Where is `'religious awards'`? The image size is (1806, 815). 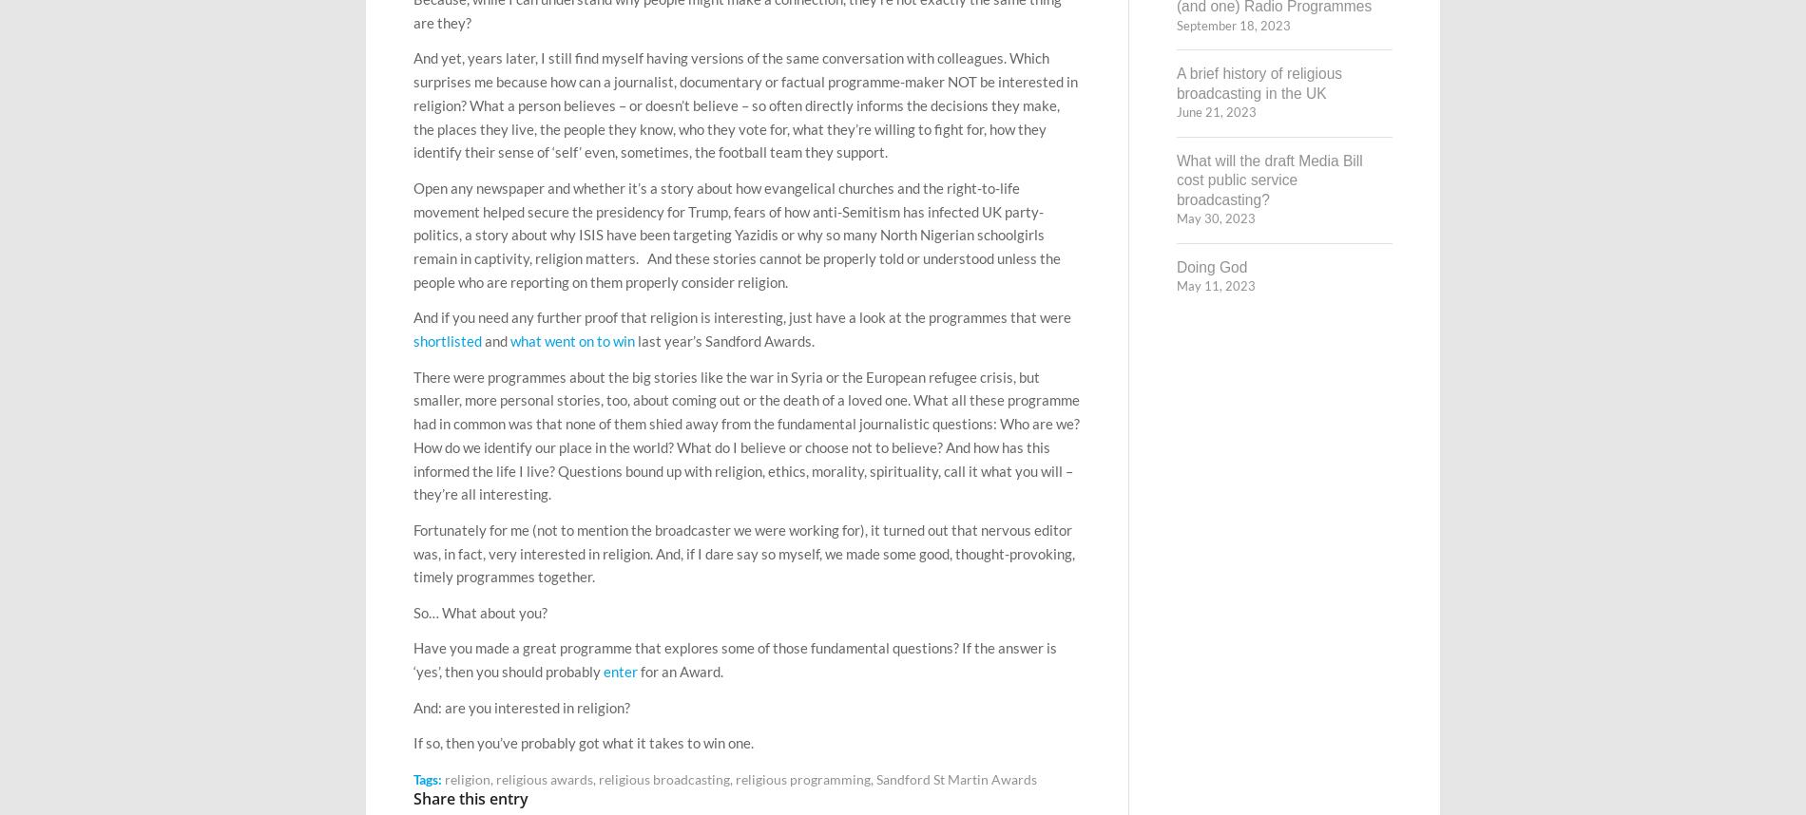 'religious awards' is located at coordinates (545, 777).